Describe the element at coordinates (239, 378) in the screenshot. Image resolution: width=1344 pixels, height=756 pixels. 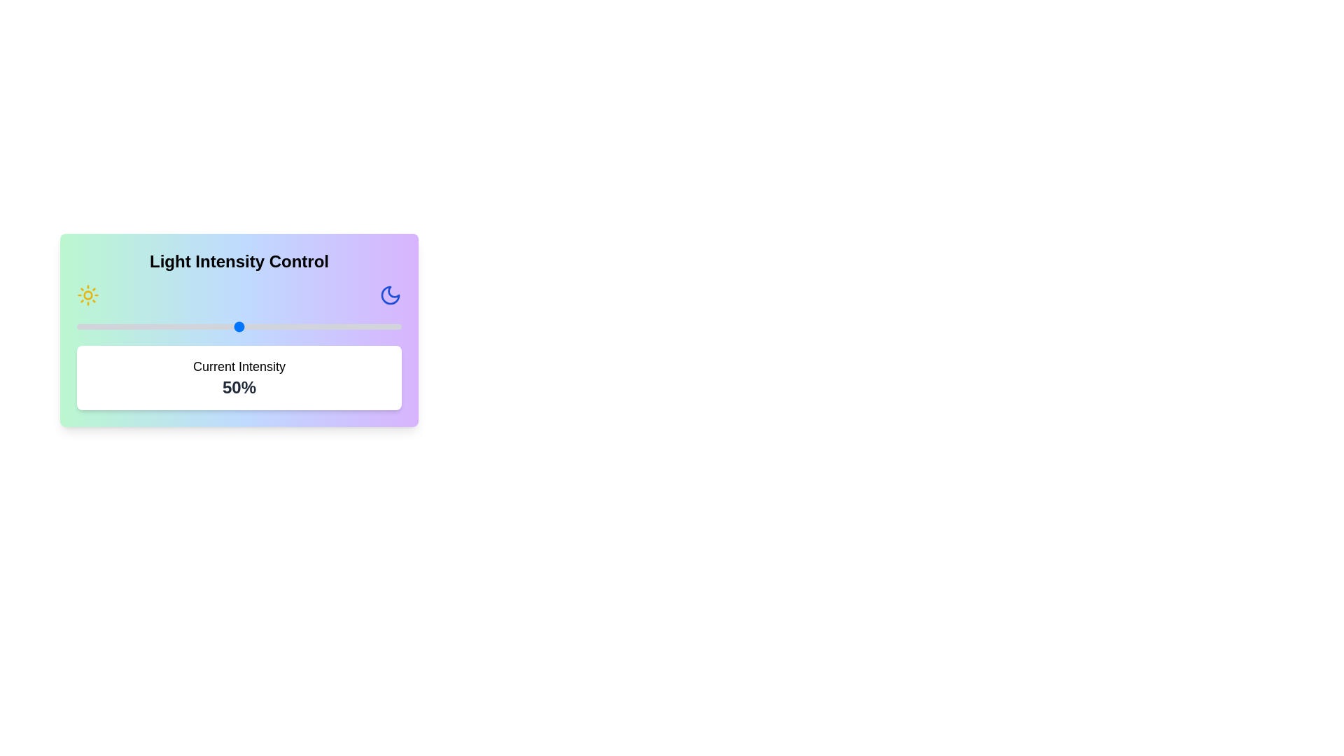
I see `the Informational Display element that shows 'Current Intensity' and '50%' with a white background and rounded corners` at that location.